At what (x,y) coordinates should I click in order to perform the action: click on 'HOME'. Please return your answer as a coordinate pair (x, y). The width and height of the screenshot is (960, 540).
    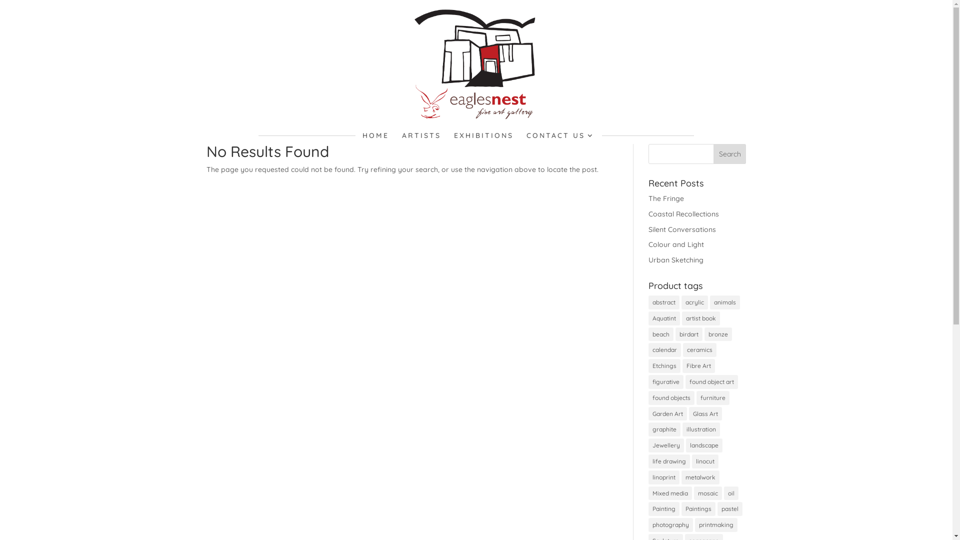
    Looking at the image, I should click on (375, 138).